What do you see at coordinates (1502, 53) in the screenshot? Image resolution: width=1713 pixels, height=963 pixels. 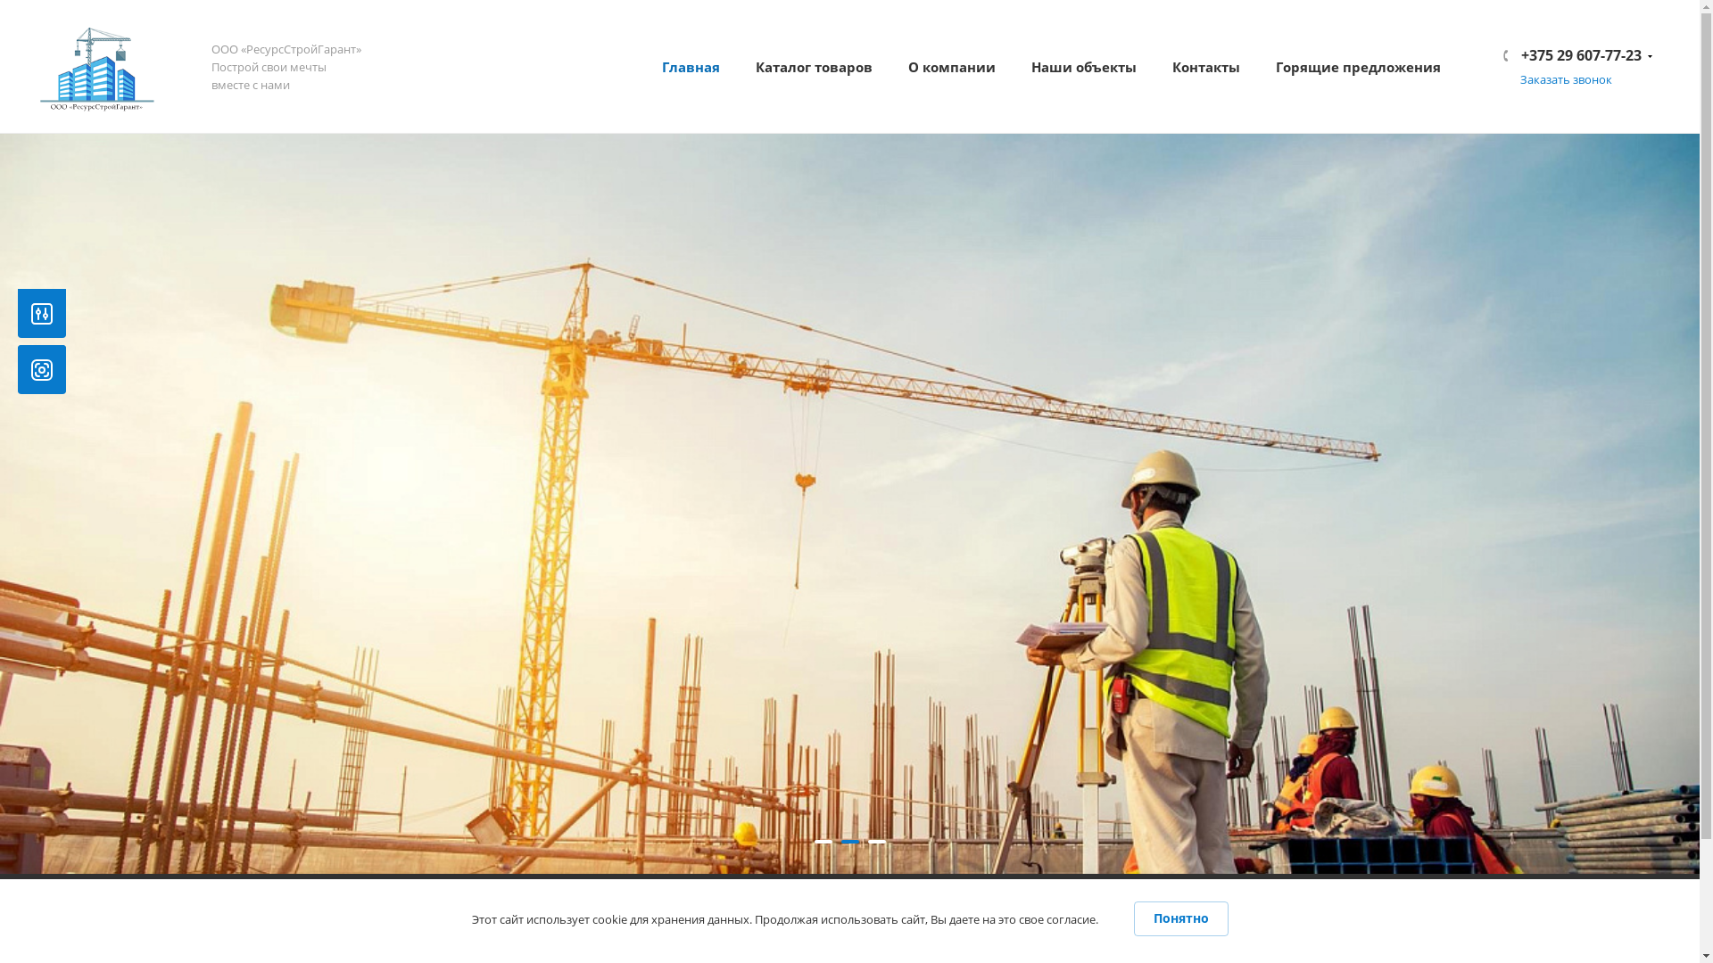 I see `'+375 29 607-77-23'` at bounding box center [1502, 53].